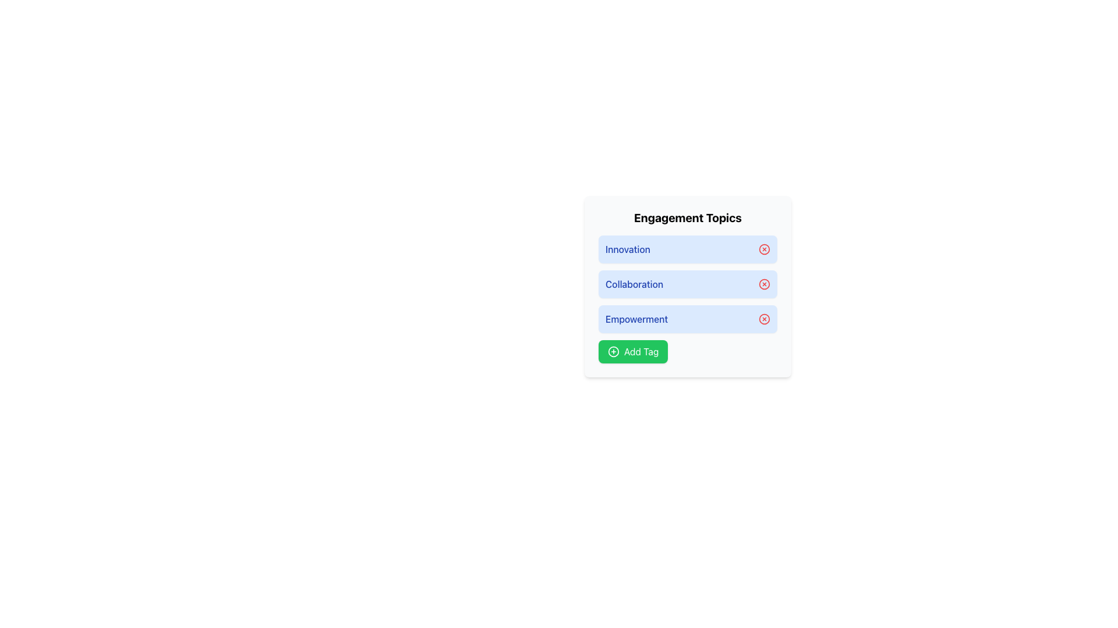  What do you see at coordinates (613, 351) in the screenshot?
I see `the circular plus icon within the green 'Add Tag' button located at the bottom section of the modal` at bounding box center [613, 351].